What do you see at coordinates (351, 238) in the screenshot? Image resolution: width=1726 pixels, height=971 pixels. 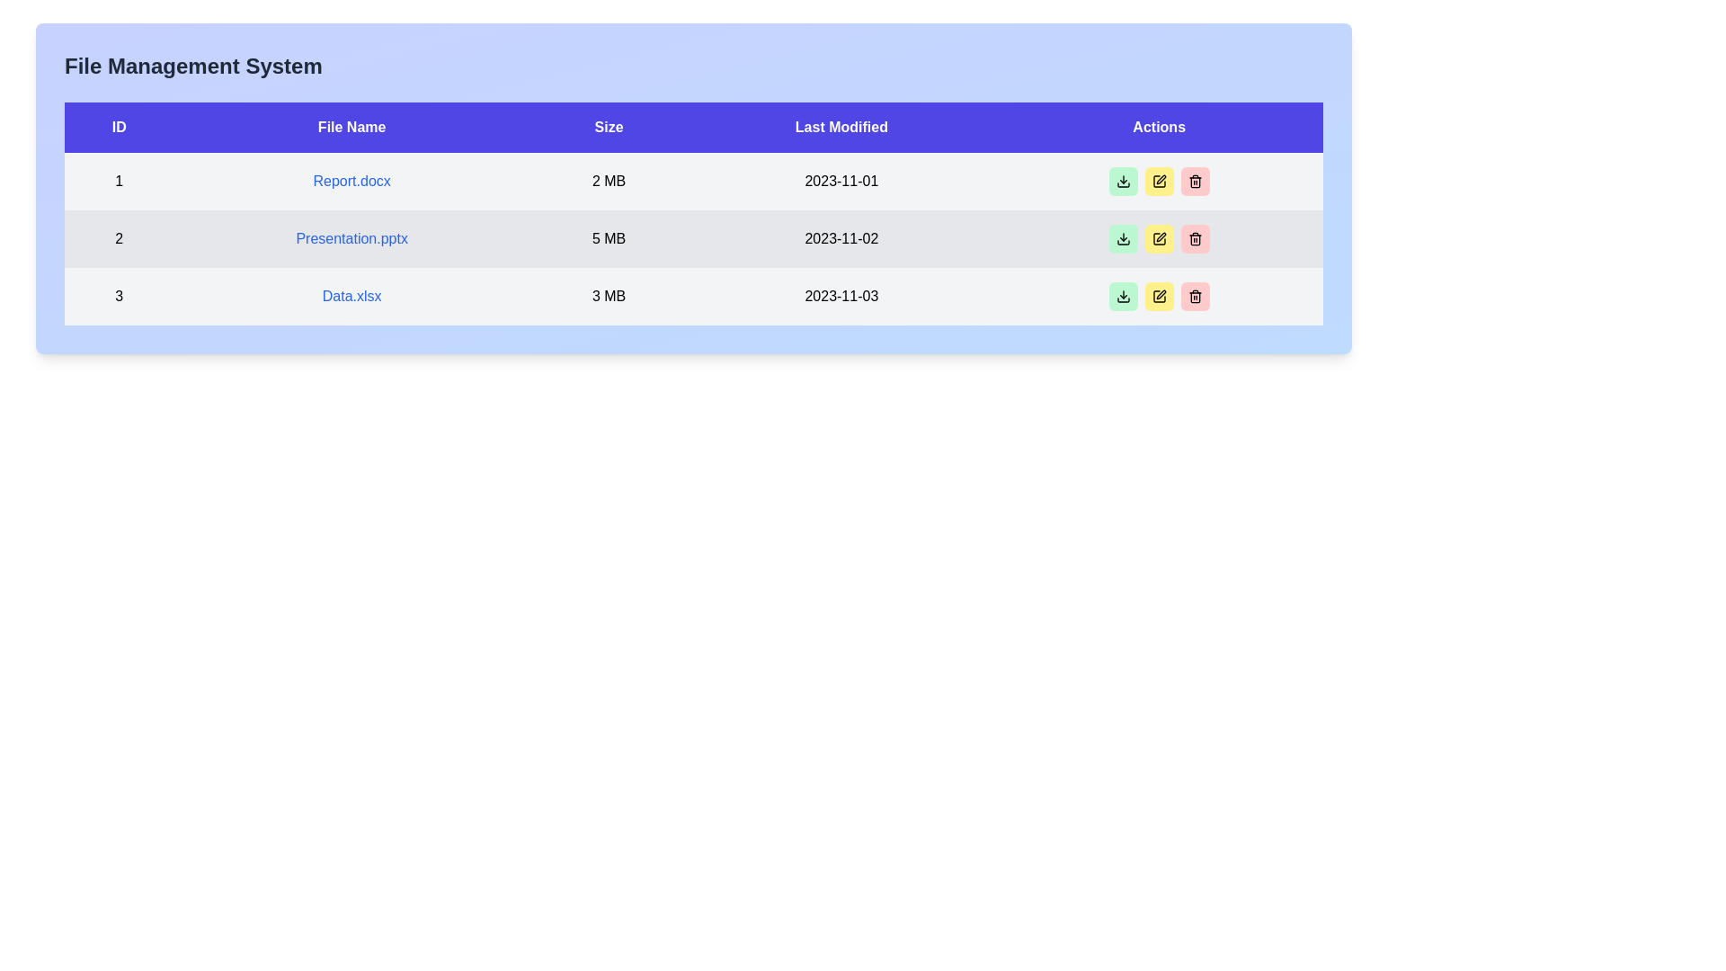 I see `the hyperlink text 'Presentation.pptx' located in the second entry of the 'File Name' column, adjacent to '5 MB' and '2'` at bounding box center [351, 238].